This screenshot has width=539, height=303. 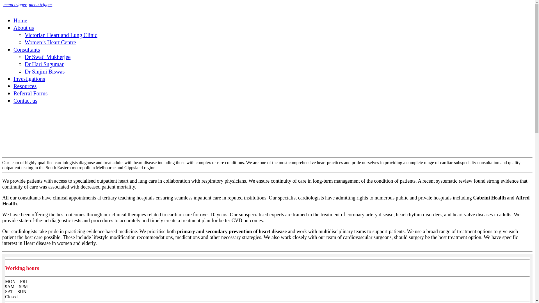 What do you see at coordinates (13, 79) in the screenshot?
I see `'Investigations'` at bounding box center [13, 79].